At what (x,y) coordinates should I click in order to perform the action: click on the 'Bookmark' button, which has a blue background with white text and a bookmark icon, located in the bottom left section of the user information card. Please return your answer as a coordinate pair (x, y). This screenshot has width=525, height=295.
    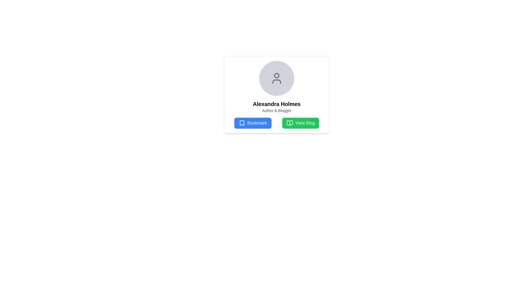
    Looking at the image, I should click on (252, 123).